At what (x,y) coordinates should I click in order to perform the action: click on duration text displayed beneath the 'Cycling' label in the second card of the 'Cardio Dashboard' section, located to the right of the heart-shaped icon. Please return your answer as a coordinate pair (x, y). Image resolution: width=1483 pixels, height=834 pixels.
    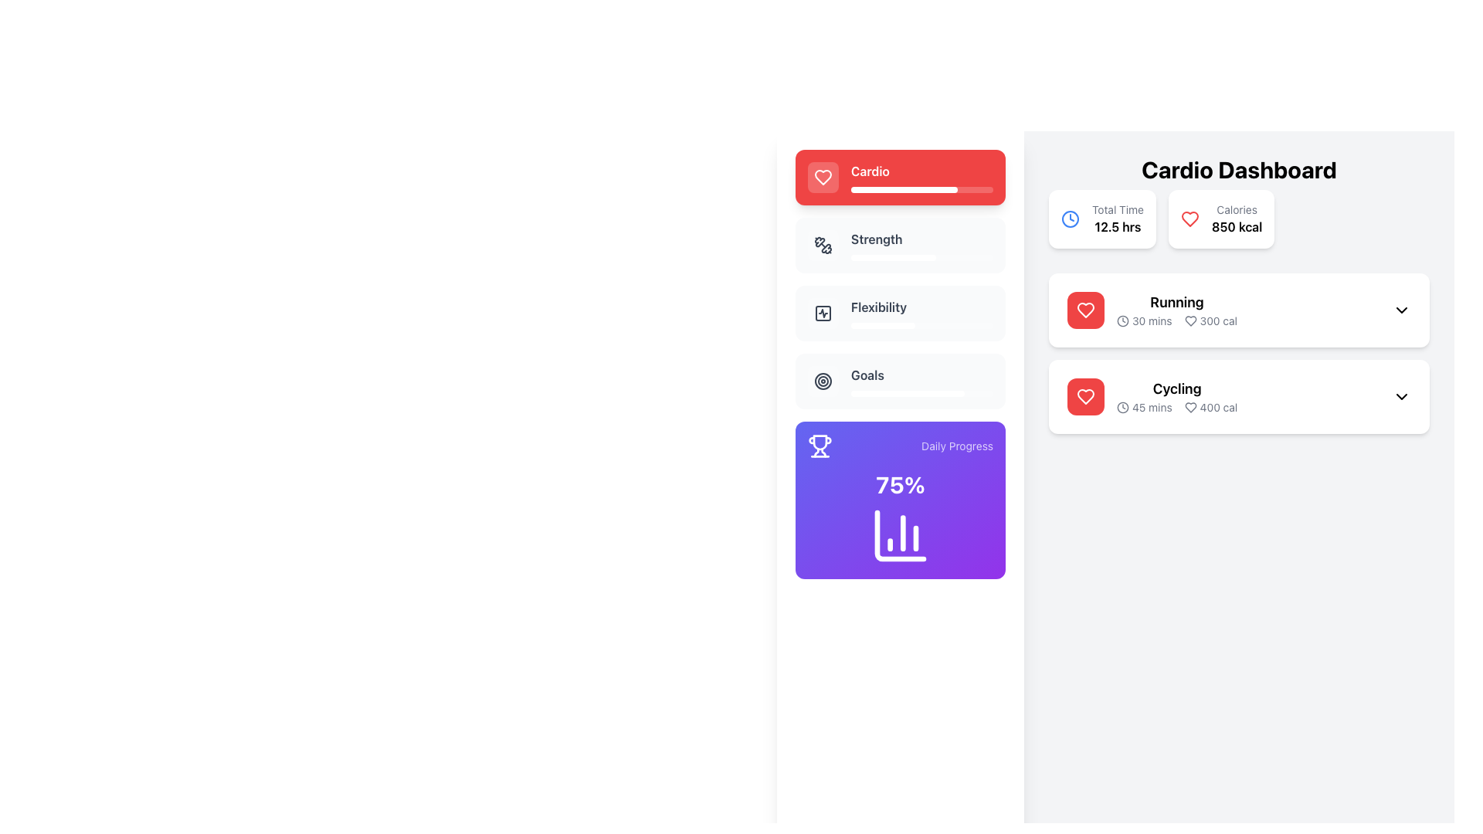
    Looking at the image, I should click on (1144, 407).